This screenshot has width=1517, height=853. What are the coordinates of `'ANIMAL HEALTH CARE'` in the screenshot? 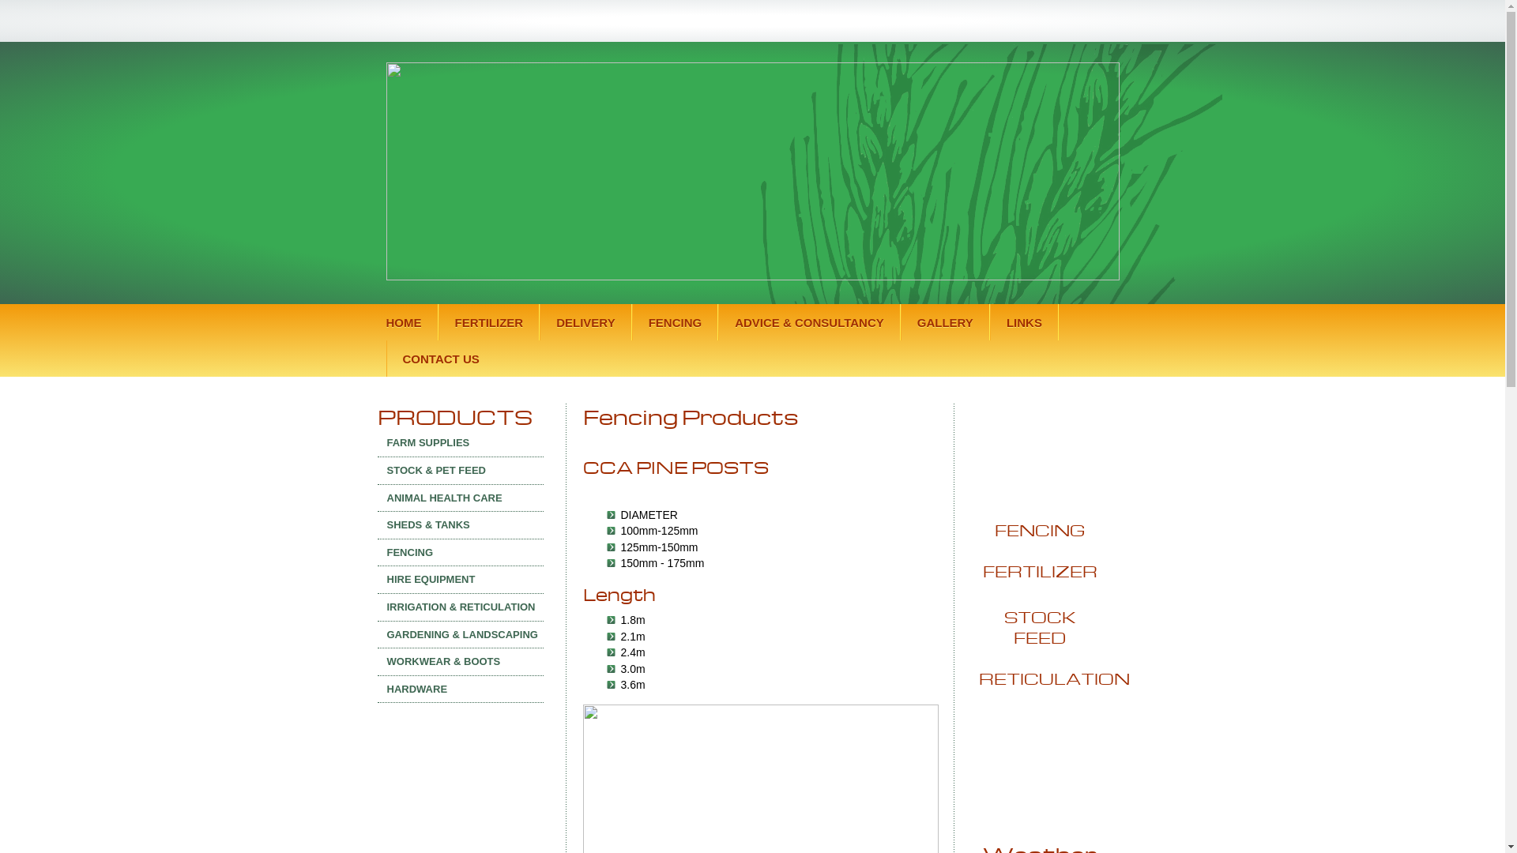 It's located at (377, 498).